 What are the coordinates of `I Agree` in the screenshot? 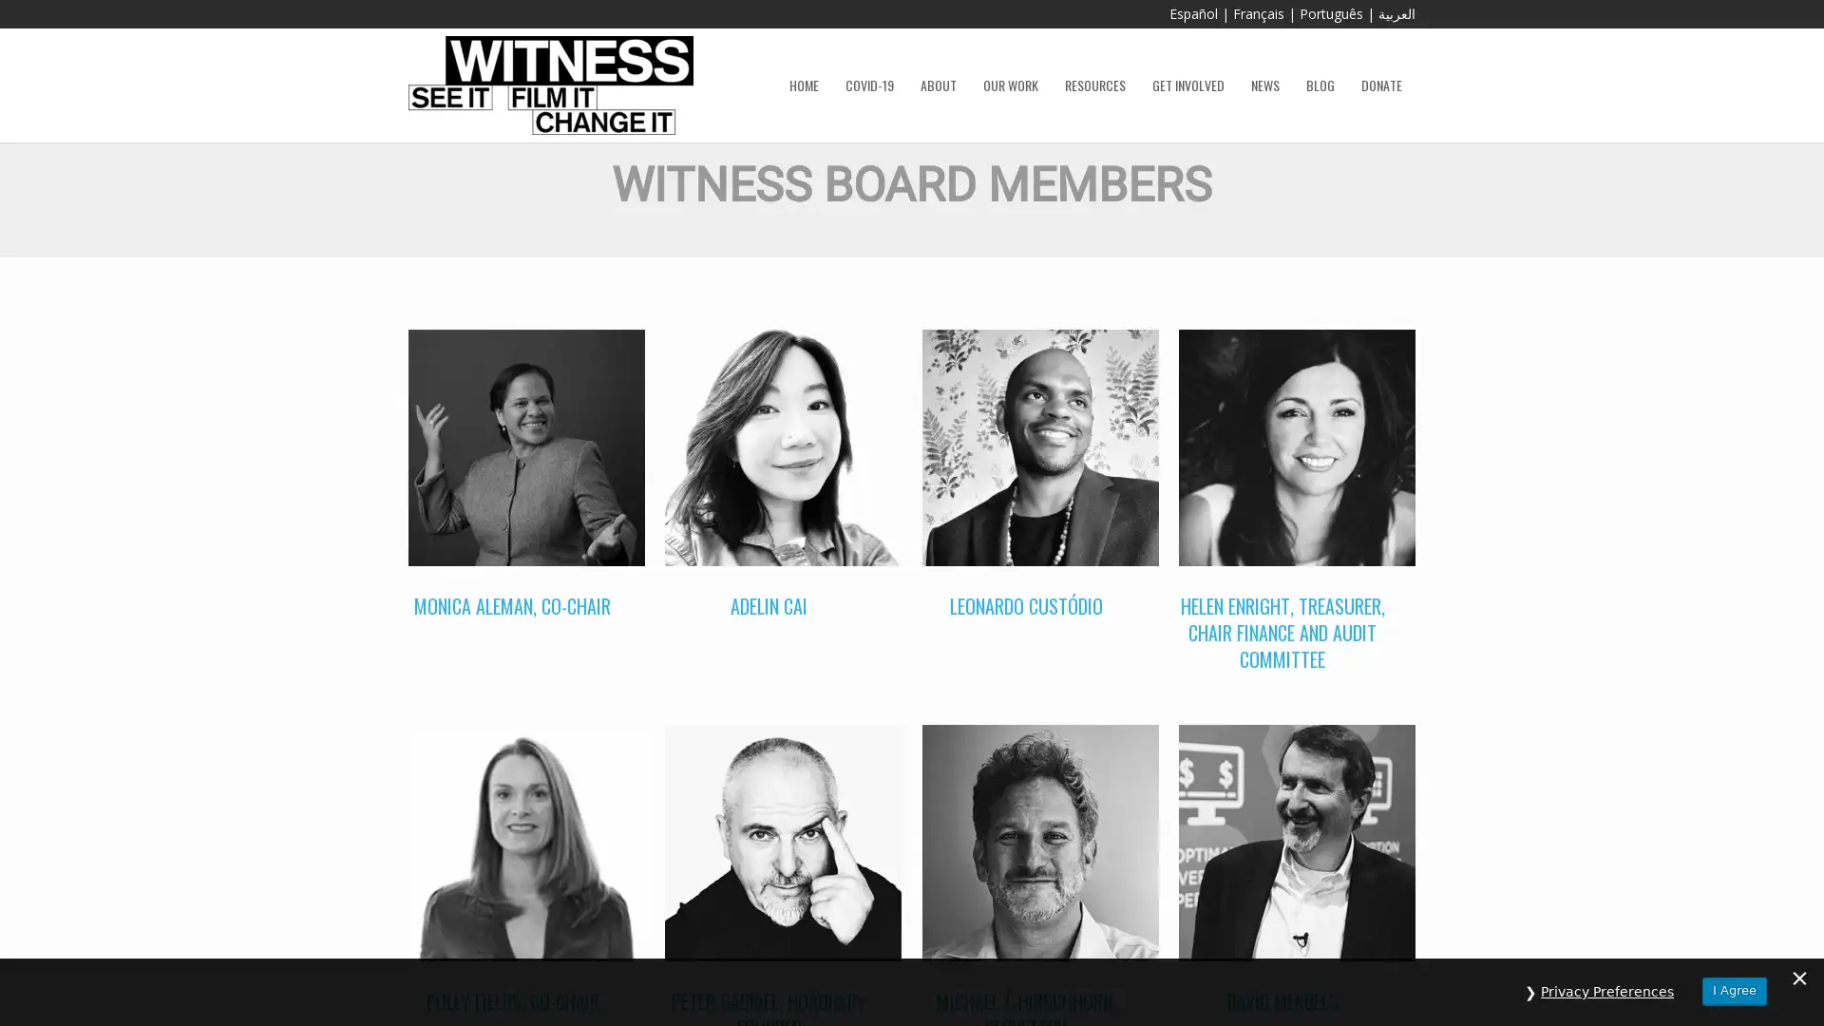 It's located at (1734, 990).